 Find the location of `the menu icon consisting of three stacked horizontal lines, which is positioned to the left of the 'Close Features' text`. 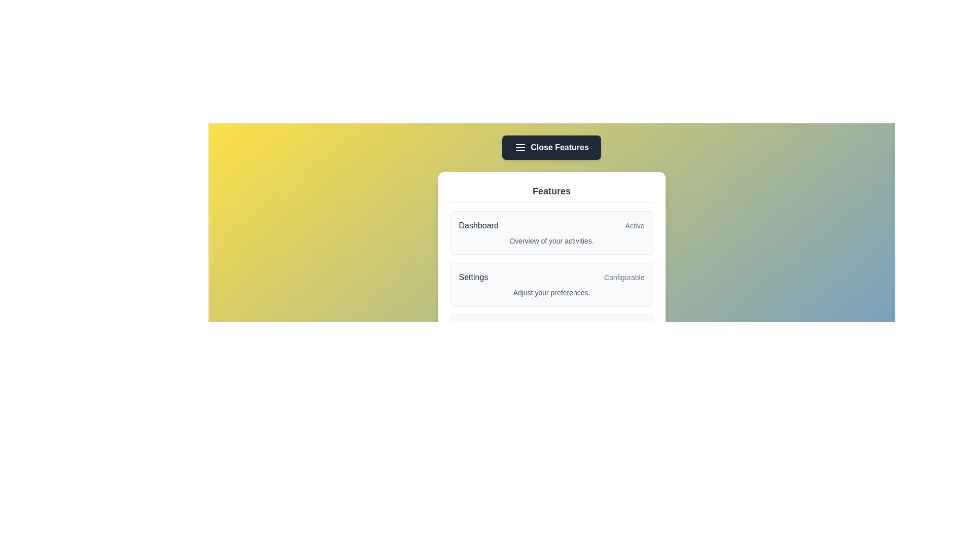

the menu icon consisting of three stacked horizontal lines, which is positioned to the left of the 'Close Features' text is located at coordinates (520, 147).